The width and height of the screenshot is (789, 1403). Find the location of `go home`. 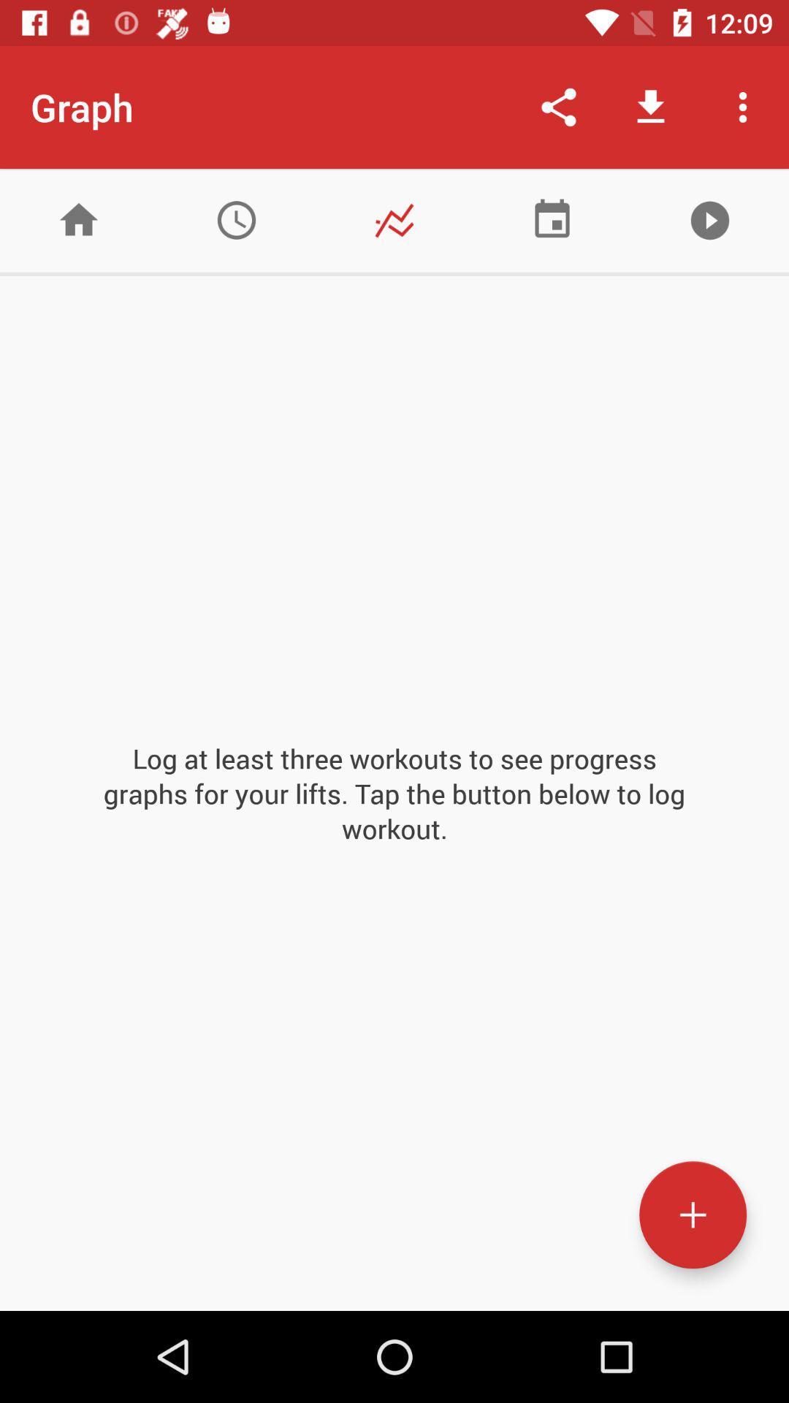

go home is located at coordinates (79, 219).